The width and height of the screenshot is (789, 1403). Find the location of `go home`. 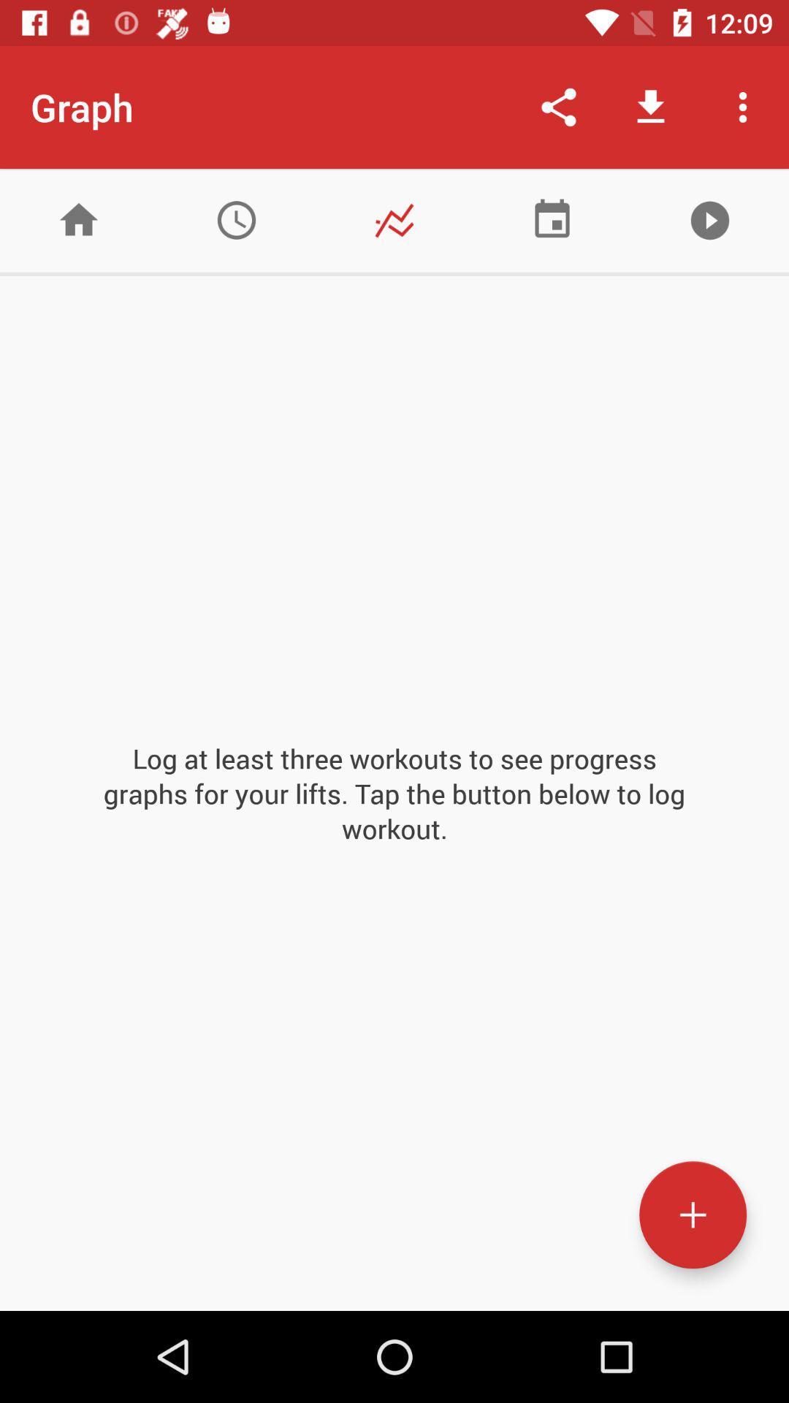

go home is located at coordinates (79, 219).